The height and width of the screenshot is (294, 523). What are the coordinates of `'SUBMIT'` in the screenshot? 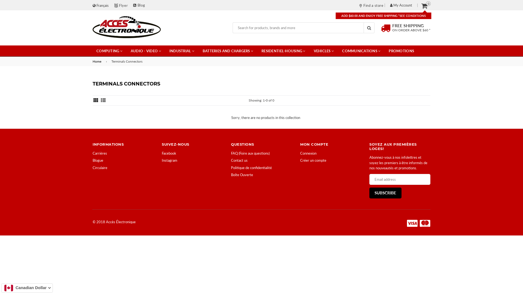 It's located at (369, 27).